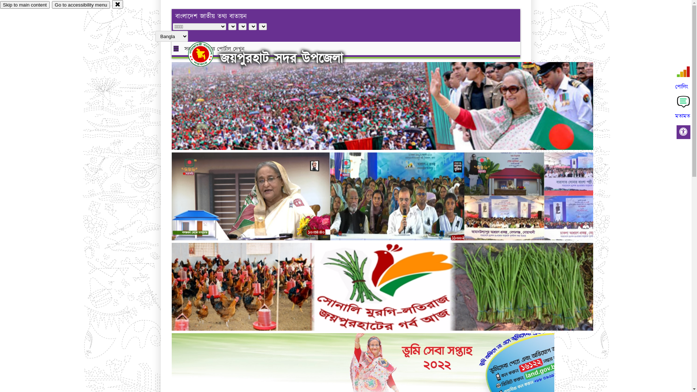 The width and height of the screenshot is (697, 392). I want to click on 'Go to accessibility menu', so click(52, 5).